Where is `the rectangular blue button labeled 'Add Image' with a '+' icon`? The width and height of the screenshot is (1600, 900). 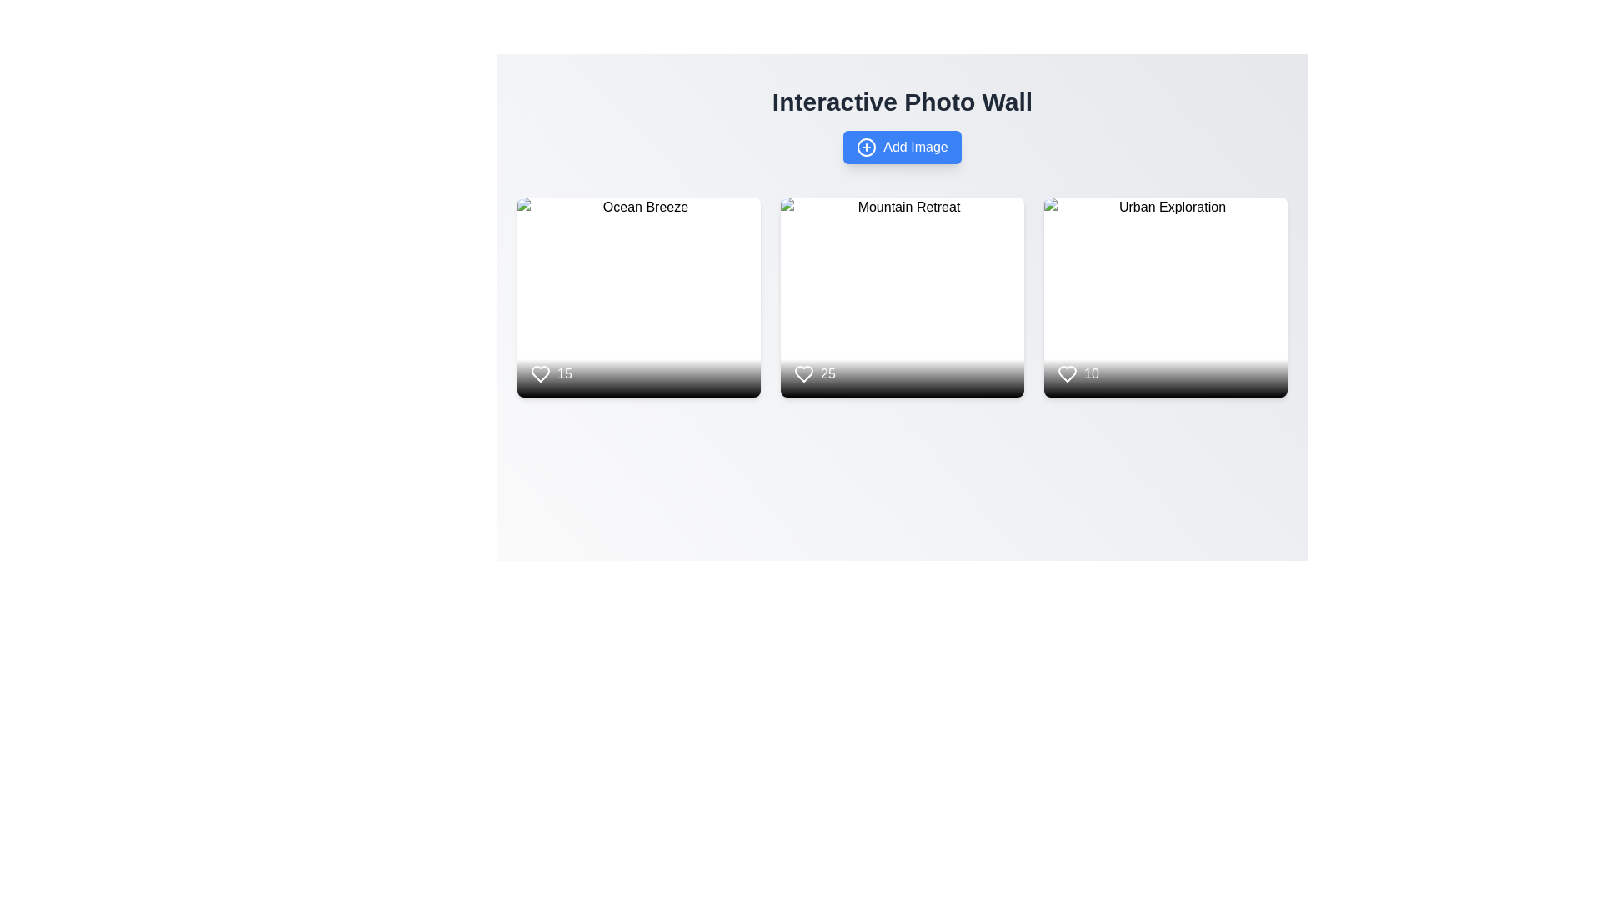 the rectangular blue button labeled 'Add Image' with a '+' icon is located at coordinates (902, 147).